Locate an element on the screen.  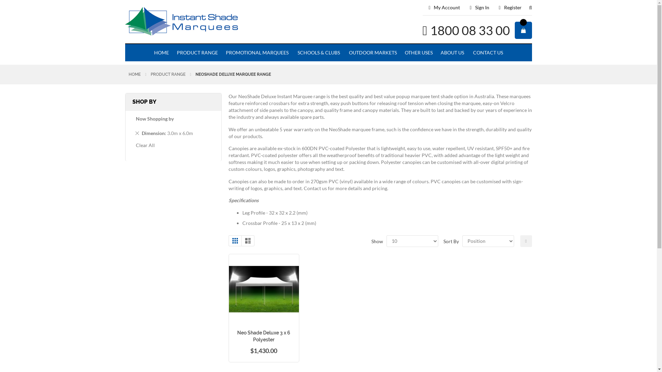
'OTHER USES' is located at coordinates (401, 52).